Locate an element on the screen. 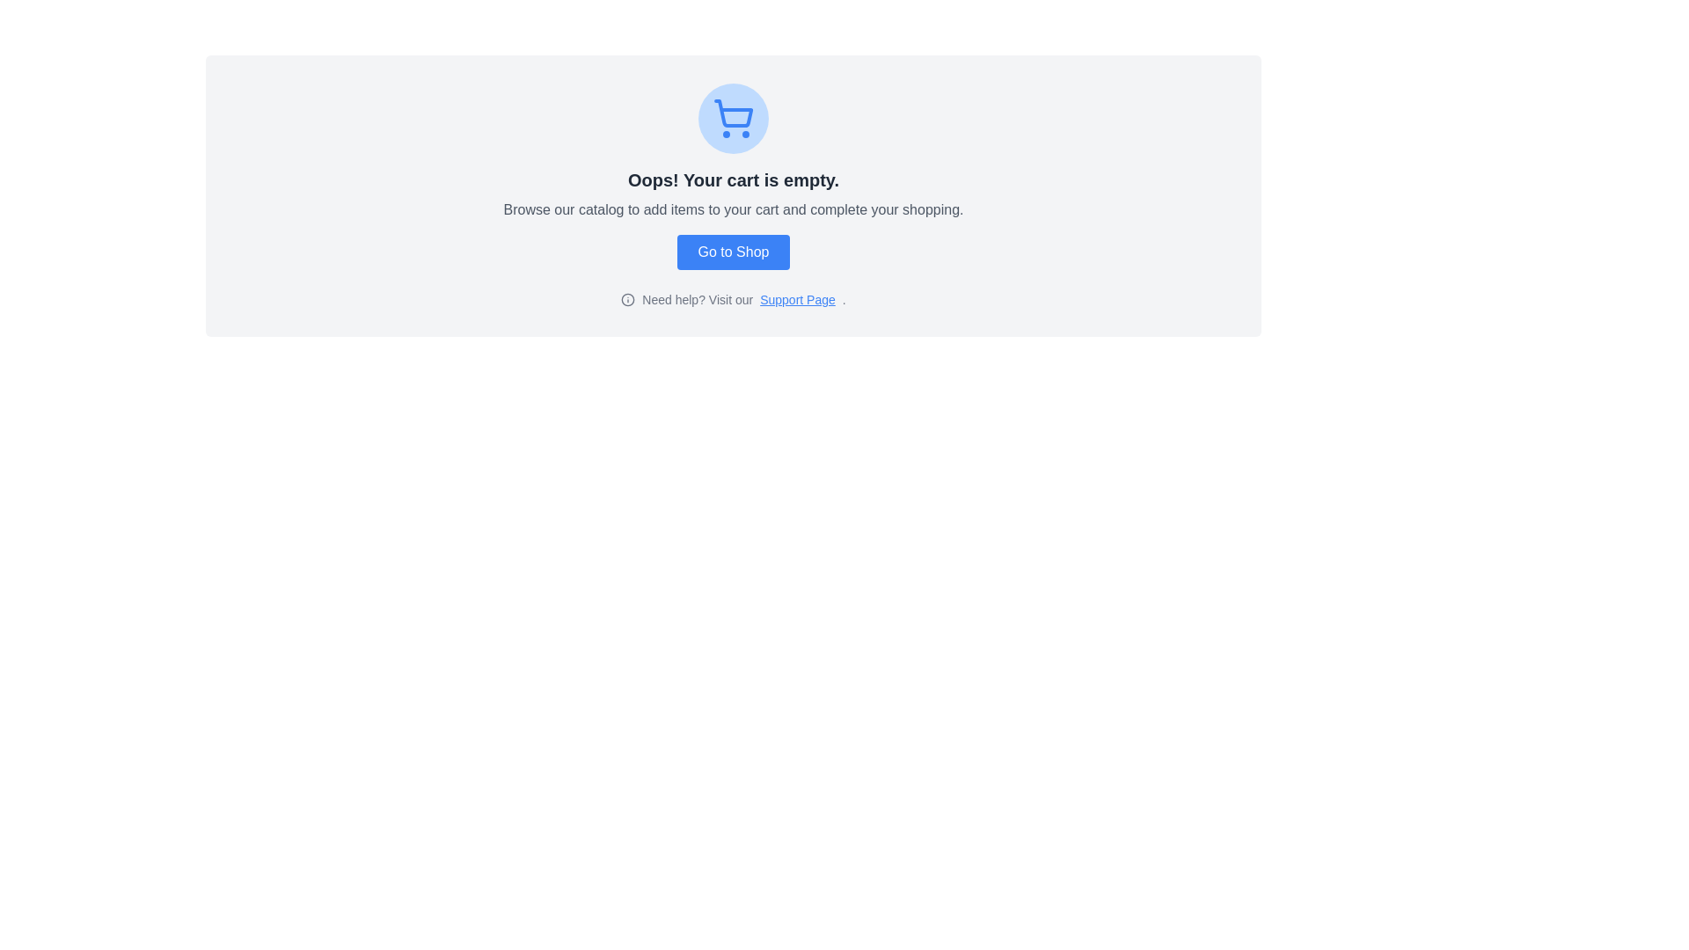 The image size is (1689, 950). the central curved body of the shopping cart icon, which is part of the SVG graphic representing the cart status in the interface is located at coordinates (734, 113).